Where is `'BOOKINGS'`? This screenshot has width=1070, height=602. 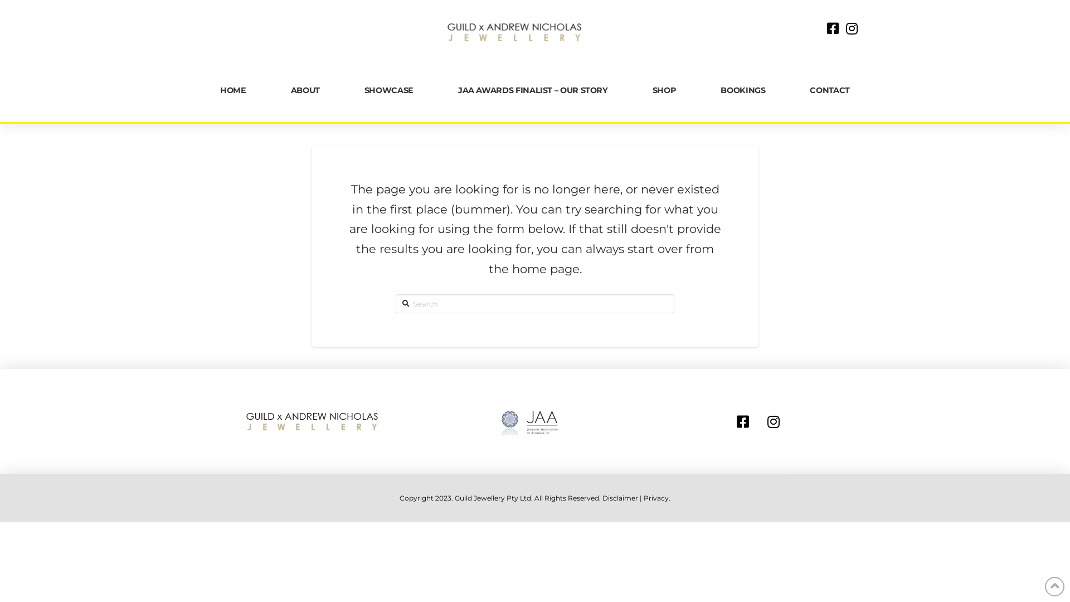
'BOOKINGS' is located at coordinates (708, 90).